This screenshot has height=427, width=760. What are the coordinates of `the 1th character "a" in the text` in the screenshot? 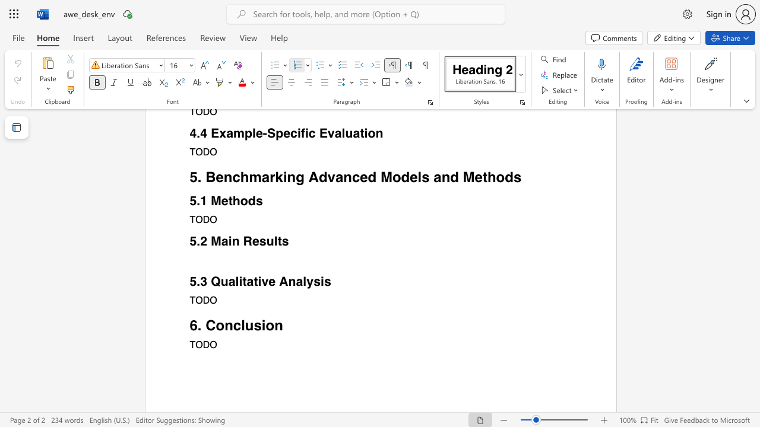 It's located at (232, 282).